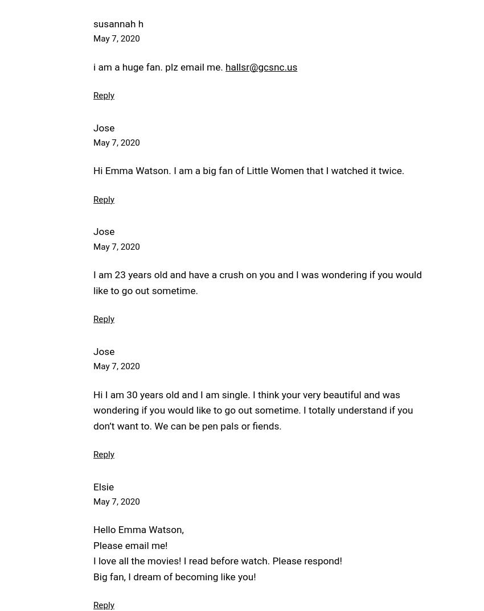 The height and width of the screenshot is (611, 484). I want to click on 'Hi I am 30 years old and I am single. I think your very beautiful and was wondering if you would like to go out sometime. I totally understand if you don’t want to. We can be pen pals or fiends.', so click(252, 410).